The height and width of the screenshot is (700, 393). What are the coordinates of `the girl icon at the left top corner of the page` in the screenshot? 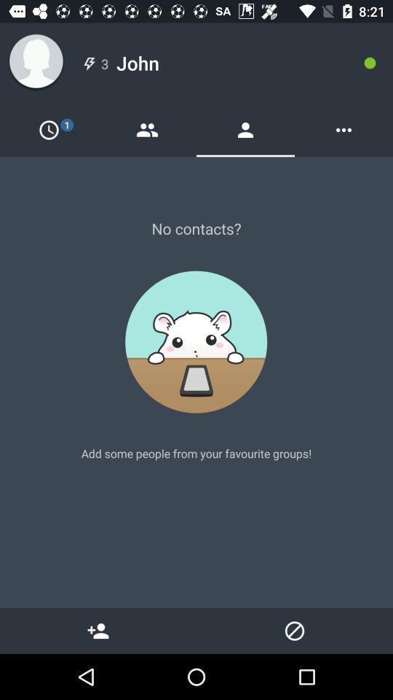 It's located at (36, 63).